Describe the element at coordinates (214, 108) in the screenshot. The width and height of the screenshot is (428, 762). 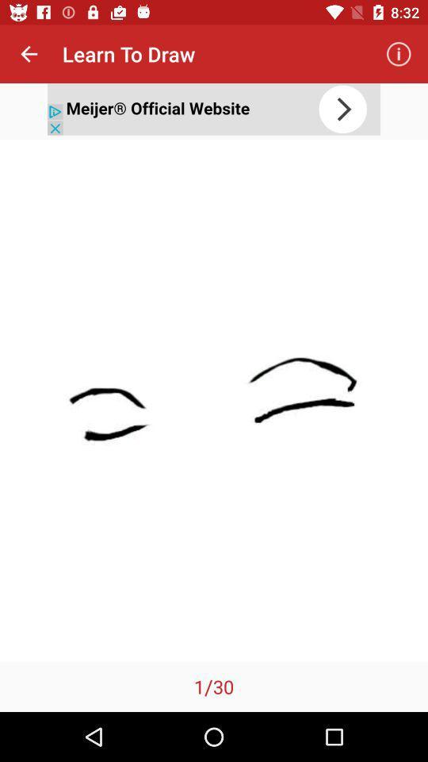
I see `advertisement` at that location.